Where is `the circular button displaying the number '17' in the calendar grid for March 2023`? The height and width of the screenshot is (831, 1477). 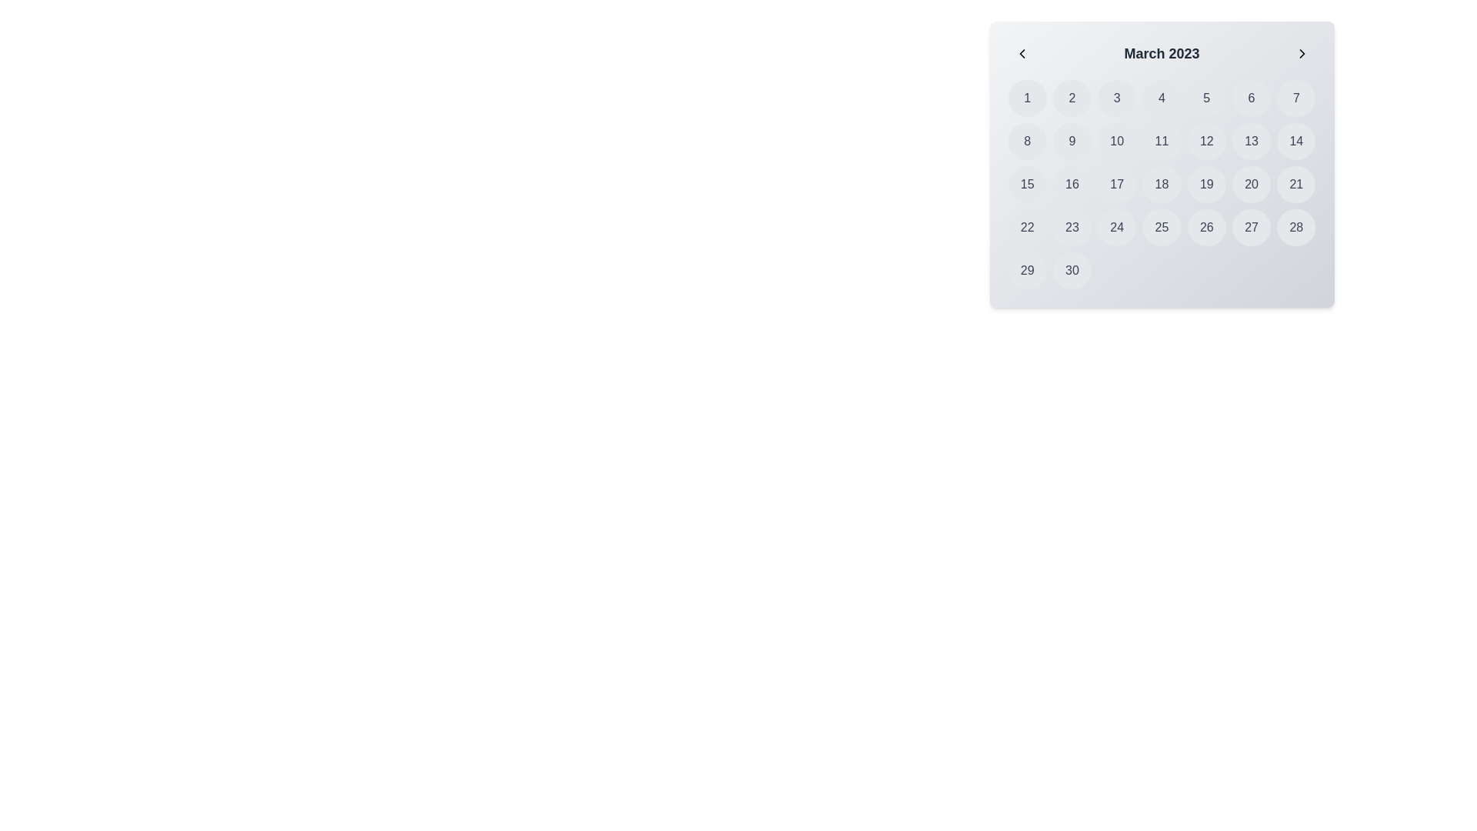
the circular button displaying the number '17' in the calendar grid for March 2023 is located at coordinates (1117, 183).